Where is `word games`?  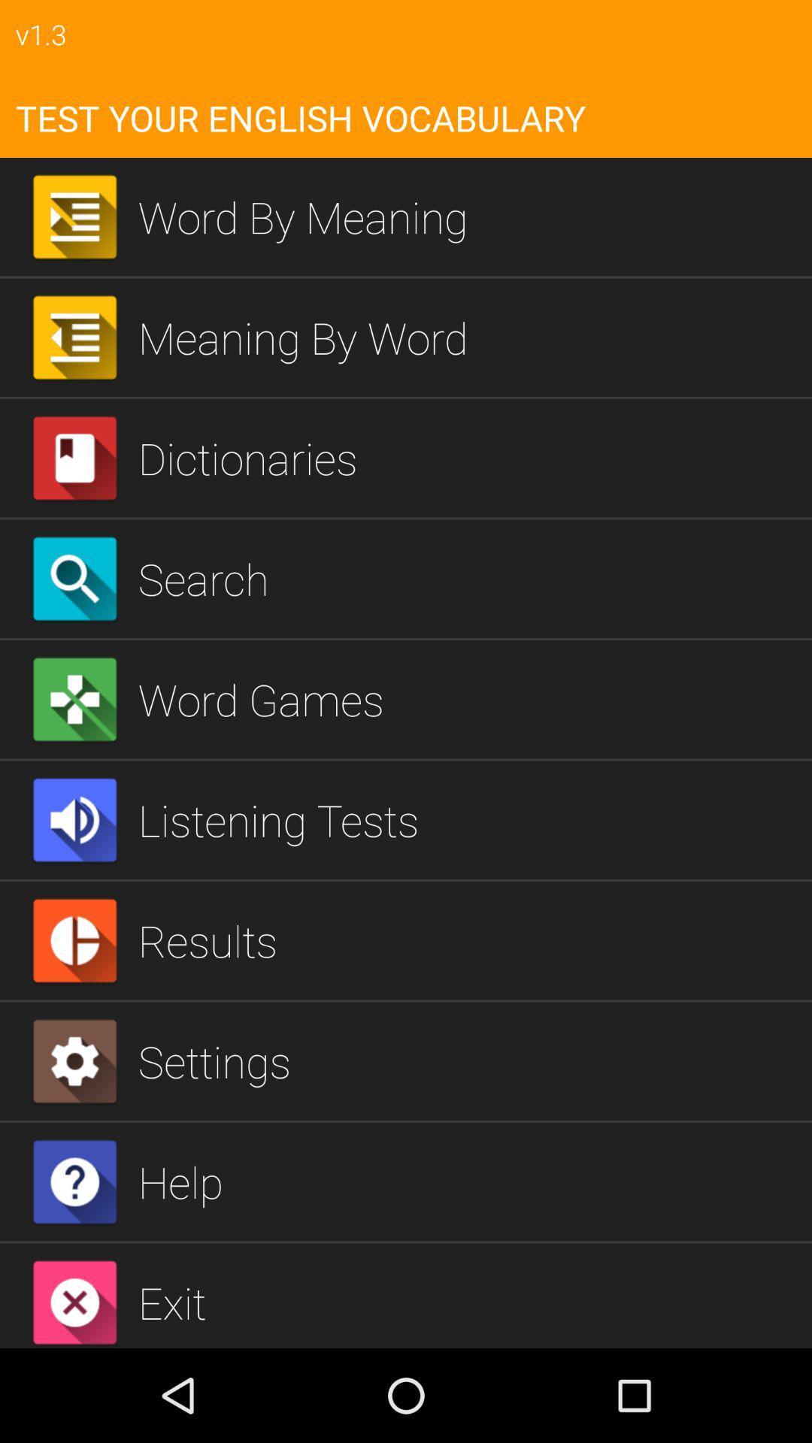 word games is located at coordinates (468, 698).